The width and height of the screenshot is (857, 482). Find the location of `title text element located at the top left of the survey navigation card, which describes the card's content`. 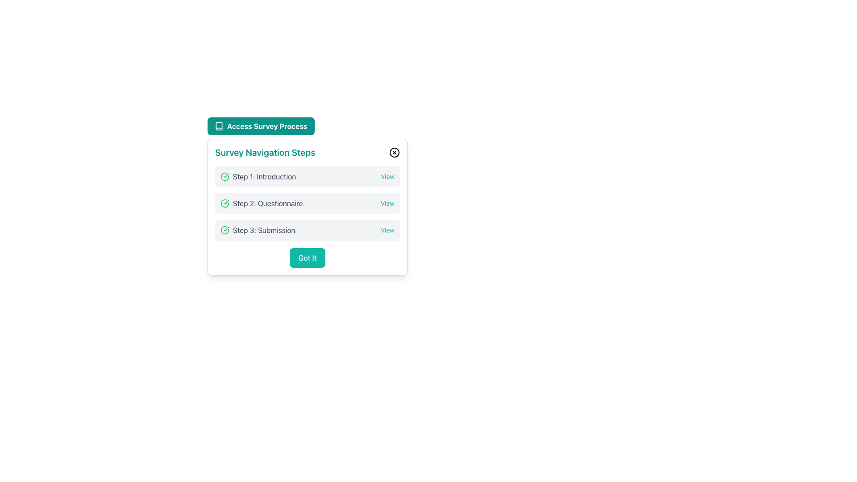

title text element located at the top left of the survey navigation card, which describes the card's content is located at coordinates (265, 152).